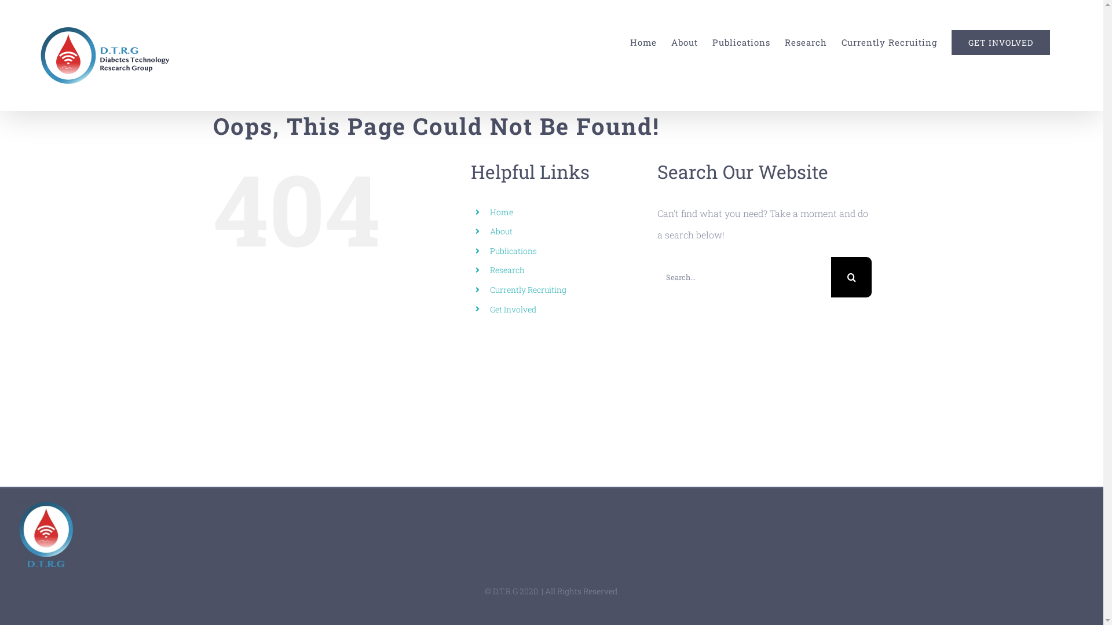 The image size is (1112, 625). What do you see at coordinates (501, 212) in the screenshot?
I see `'Home'` at bounding box center [501, 212].